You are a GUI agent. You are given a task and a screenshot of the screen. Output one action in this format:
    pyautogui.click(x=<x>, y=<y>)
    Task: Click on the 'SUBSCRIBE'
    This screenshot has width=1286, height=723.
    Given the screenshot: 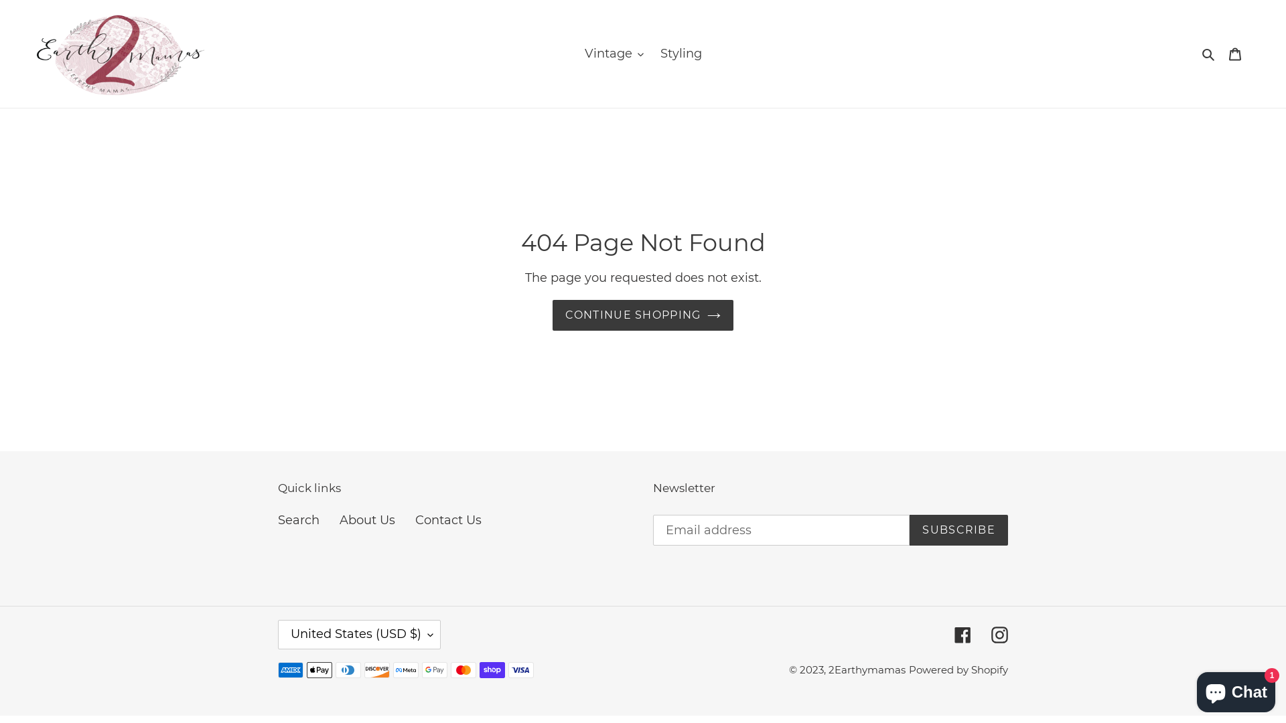 What is the action you would take?
    pyautogui.click(x=958, y=529)
    